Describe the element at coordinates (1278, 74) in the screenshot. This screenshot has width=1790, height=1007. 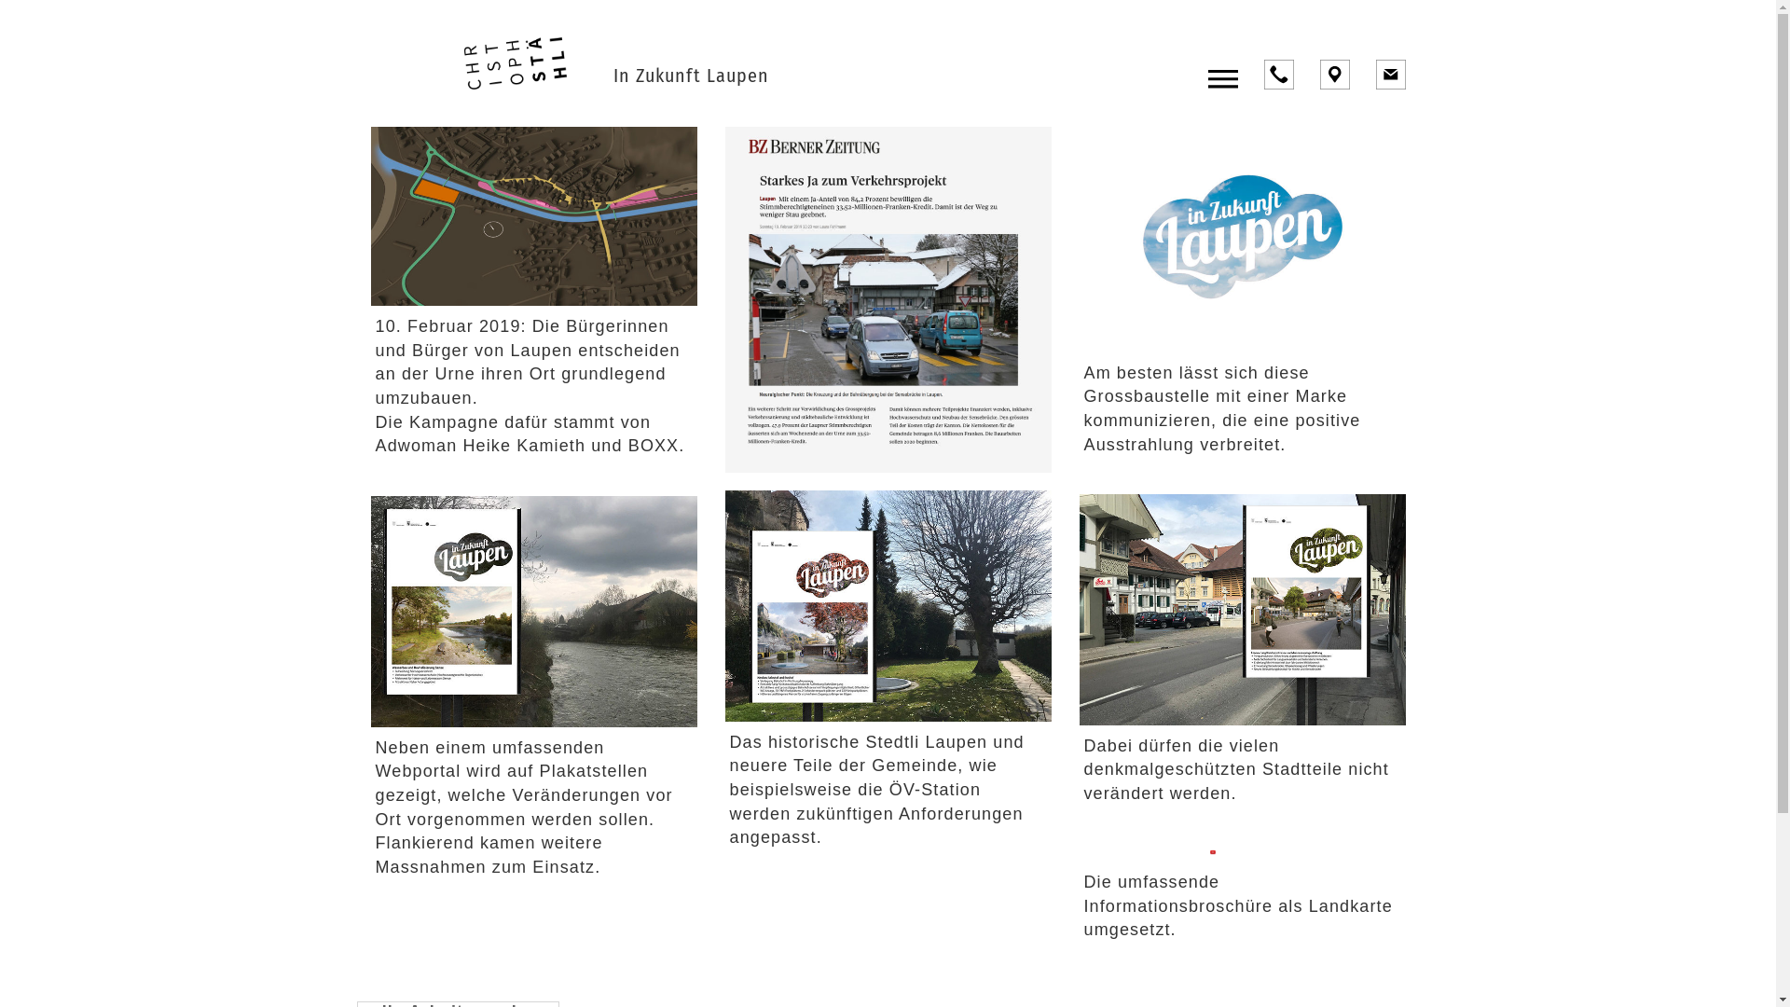
I see `'Anrufen'` at that location.